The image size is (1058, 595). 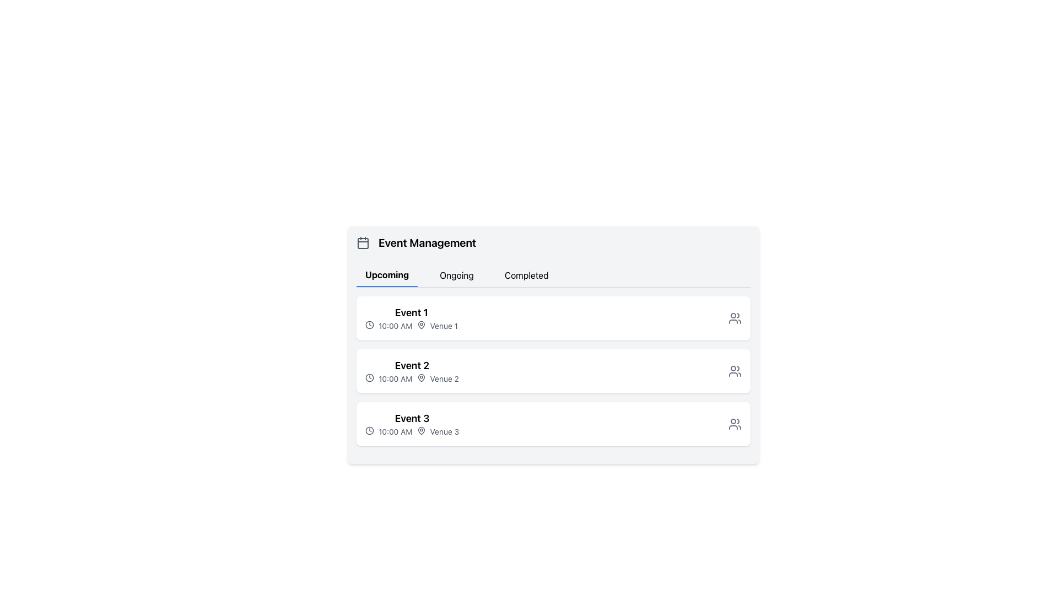 I want to click on the text and icon combination displaying '10:00 AM Venue 3' in the third event card under 'Event 3', so click(x=412, y=431).